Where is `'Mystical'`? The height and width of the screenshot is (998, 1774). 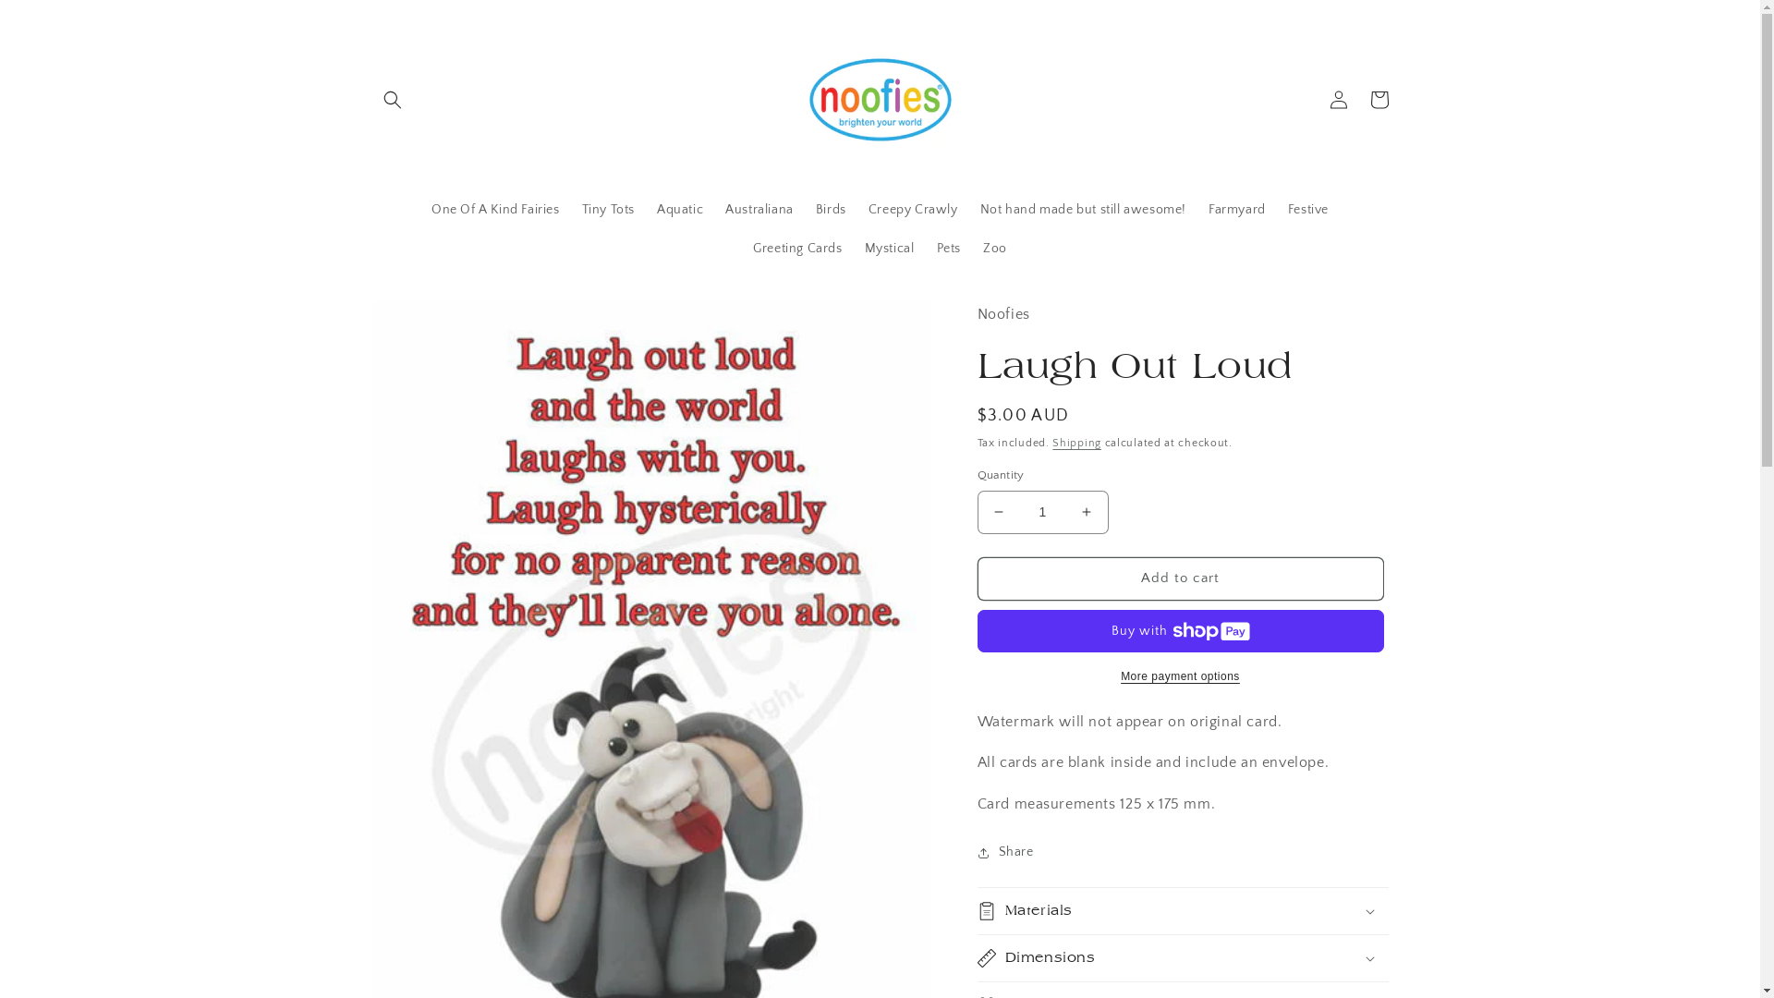 'Mystical' is located at coordinates (853, 248).